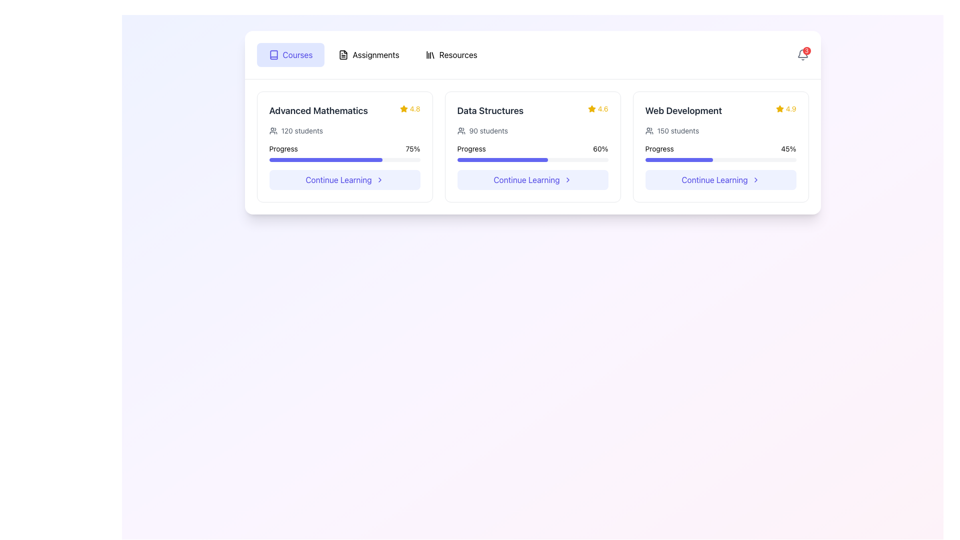 This screenshot has height=540, width=960. I want to click on the Star icon in the Web Development course card, located at the top-right corner of the inner rating section, so click(779, 108).